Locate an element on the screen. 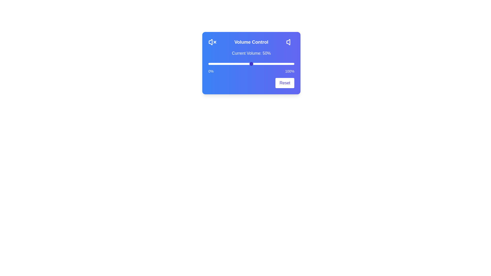 The height and width of the screenshot is (276, 491). the volume slider to 66% is located at coordinates (265, 64).